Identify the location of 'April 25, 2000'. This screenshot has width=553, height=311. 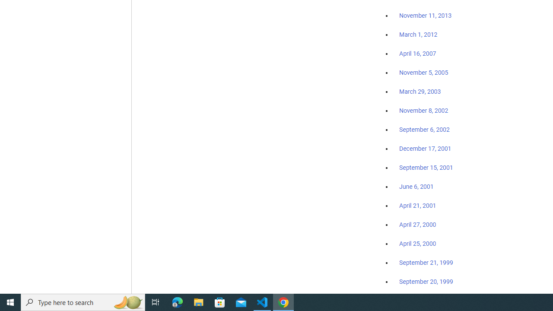
(418, 244).